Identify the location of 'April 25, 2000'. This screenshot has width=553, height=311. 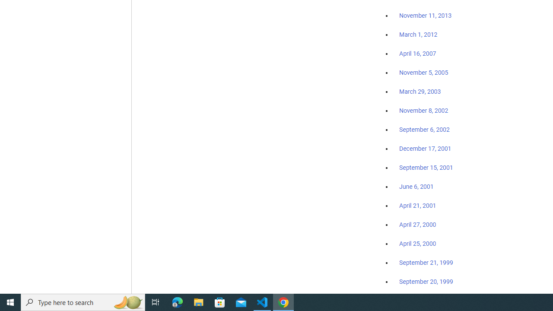
(418, 244).